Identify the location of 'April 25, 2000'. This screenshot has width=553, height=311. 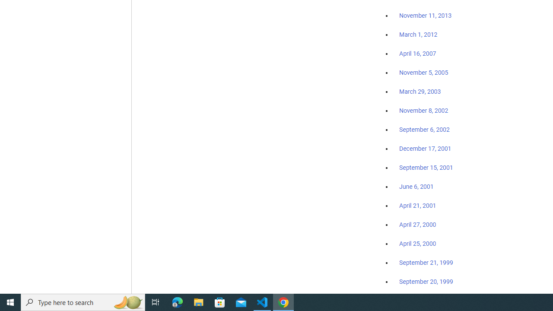
(418, 244).